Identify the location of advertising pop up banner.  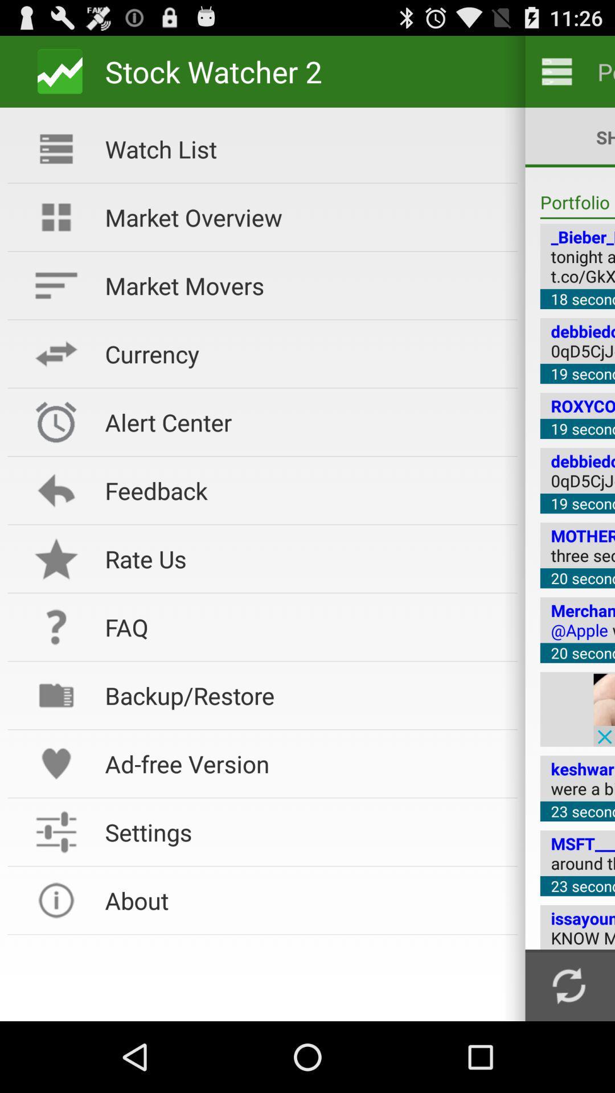
(604, 709).